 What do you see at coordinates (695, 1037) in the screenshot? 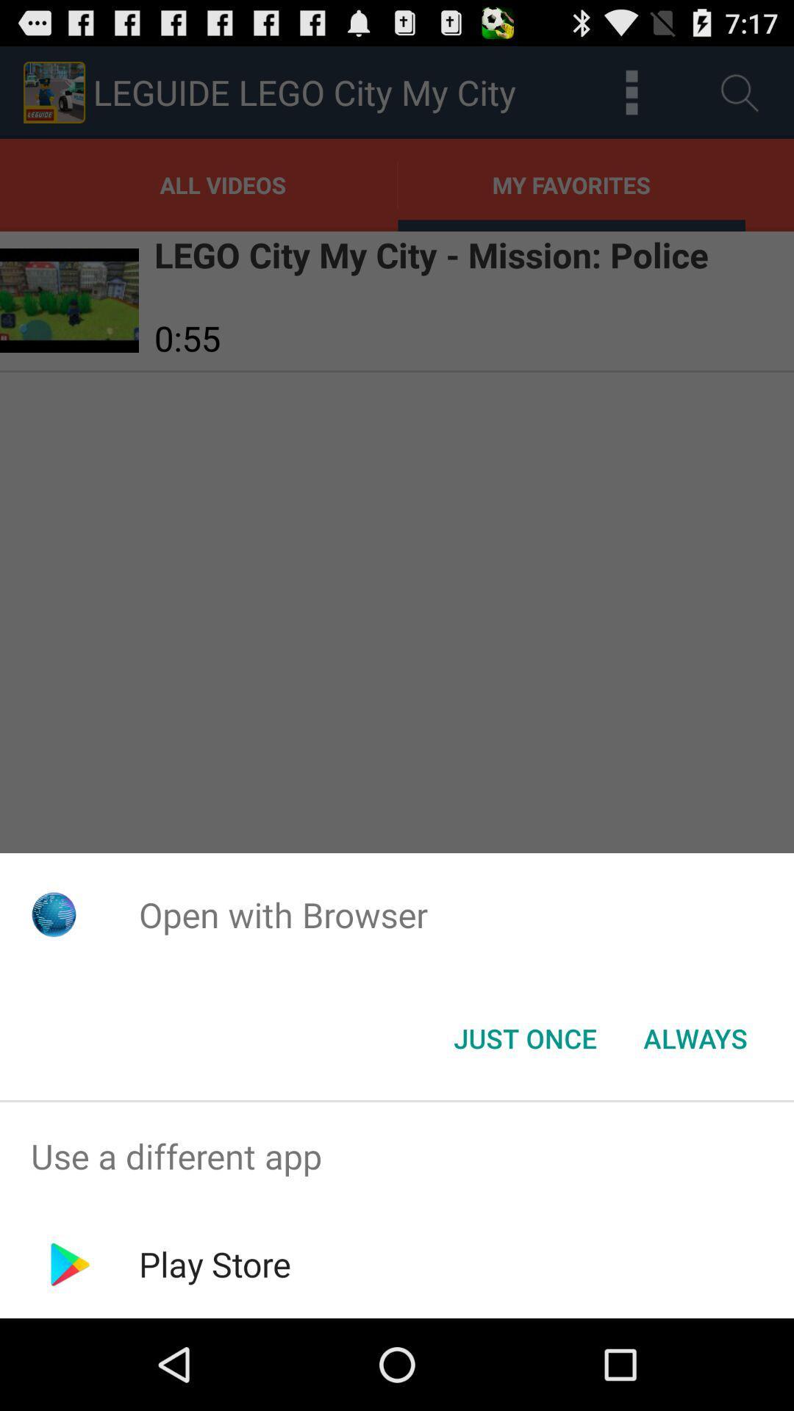
I see `always` at bounding box center [695, 1037].